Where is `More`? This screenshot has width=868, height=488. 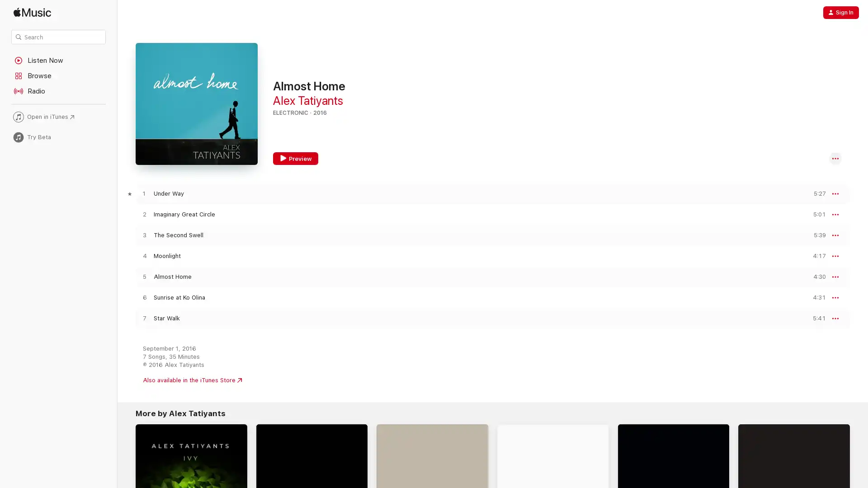 More is located at coordinates (835, 256).